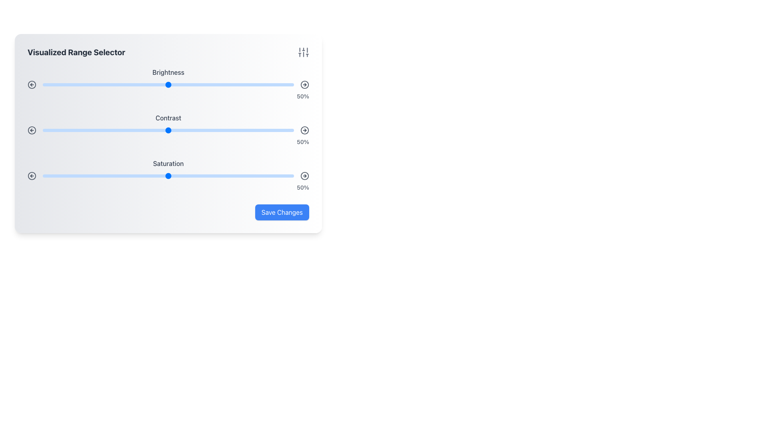 The height and width of the screenshot is (432, 768). What do you see at coordinates (284, 85) in the screenshot?
I see `the brightness` at bounding box center [284, 85].